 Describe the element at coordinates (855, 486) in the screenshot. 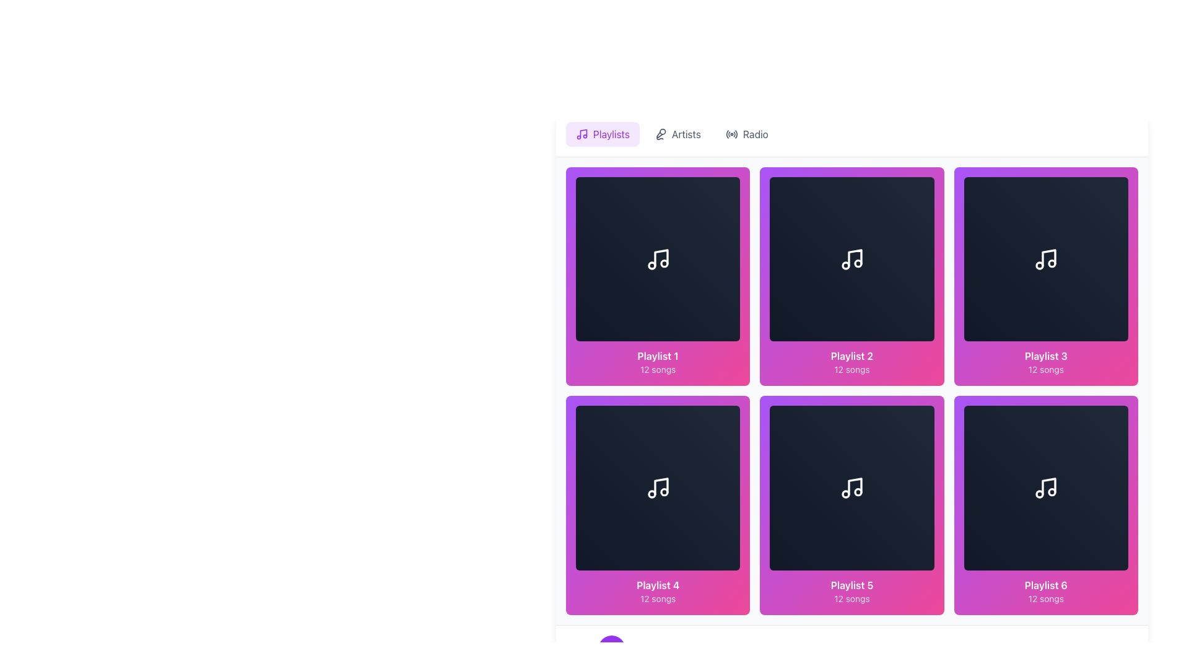

I see `the decorative icon in the fifth playlist card that symbolizes the playlist's purpose or theme related to music` at that location.